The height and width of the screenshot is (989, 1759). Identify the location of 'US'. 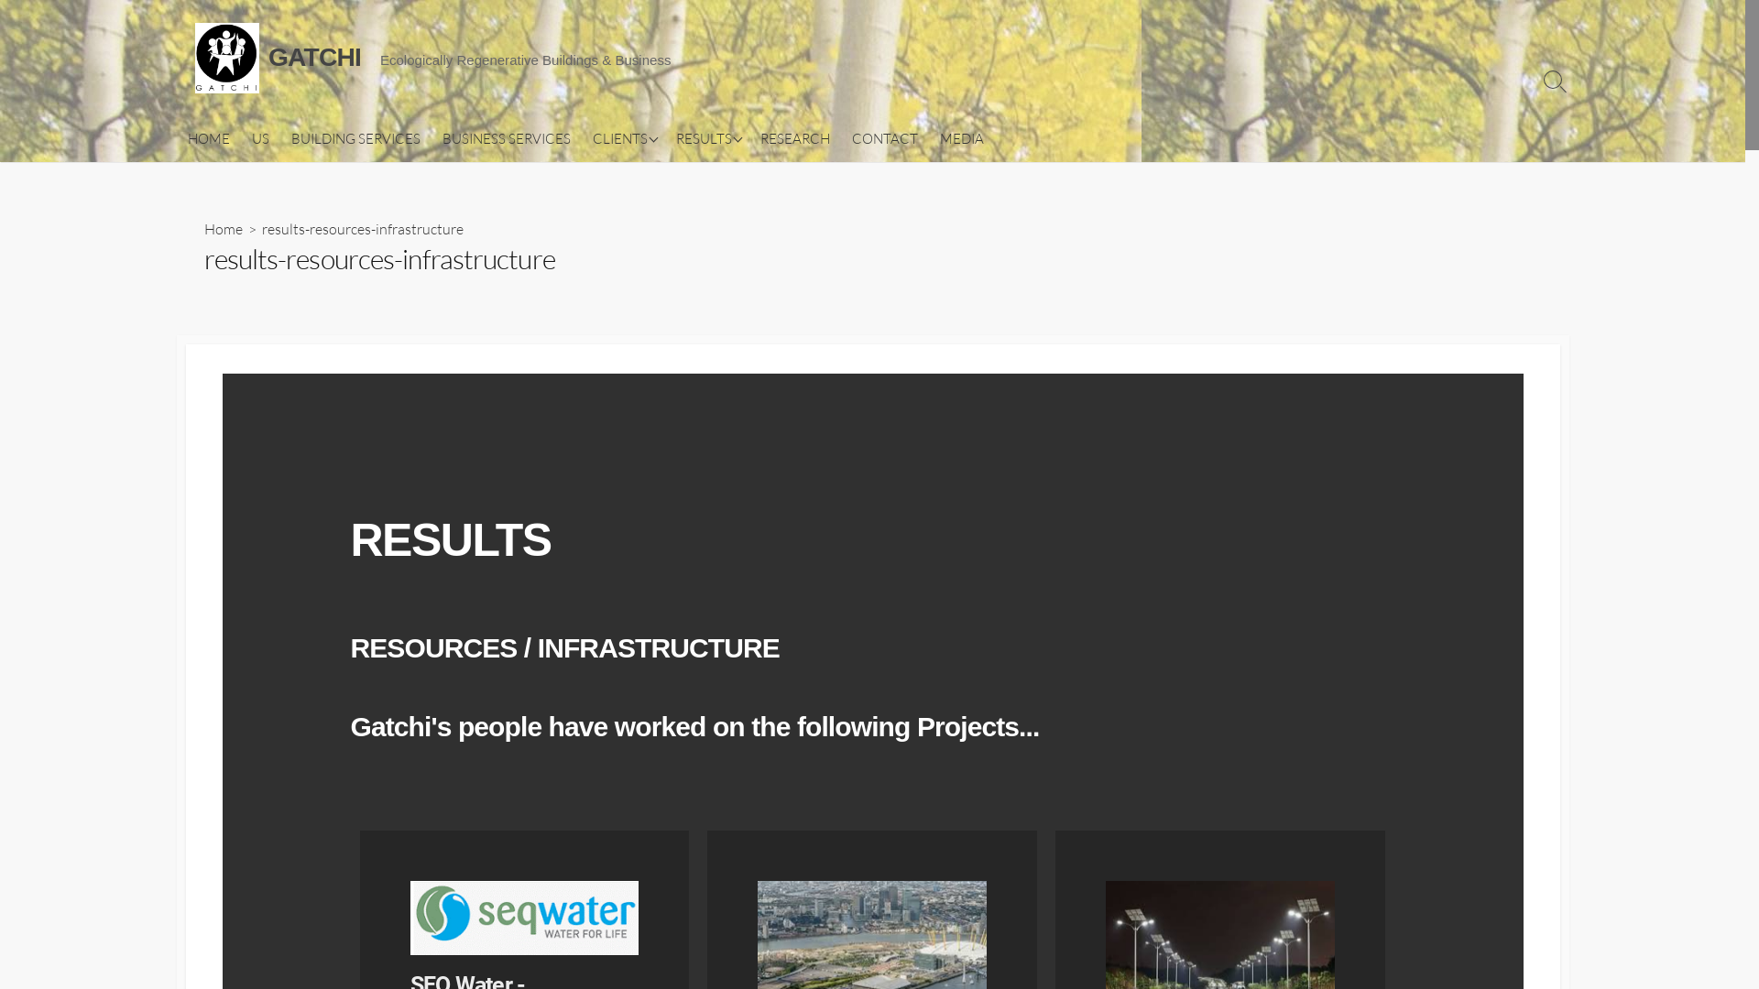
(258, 137).